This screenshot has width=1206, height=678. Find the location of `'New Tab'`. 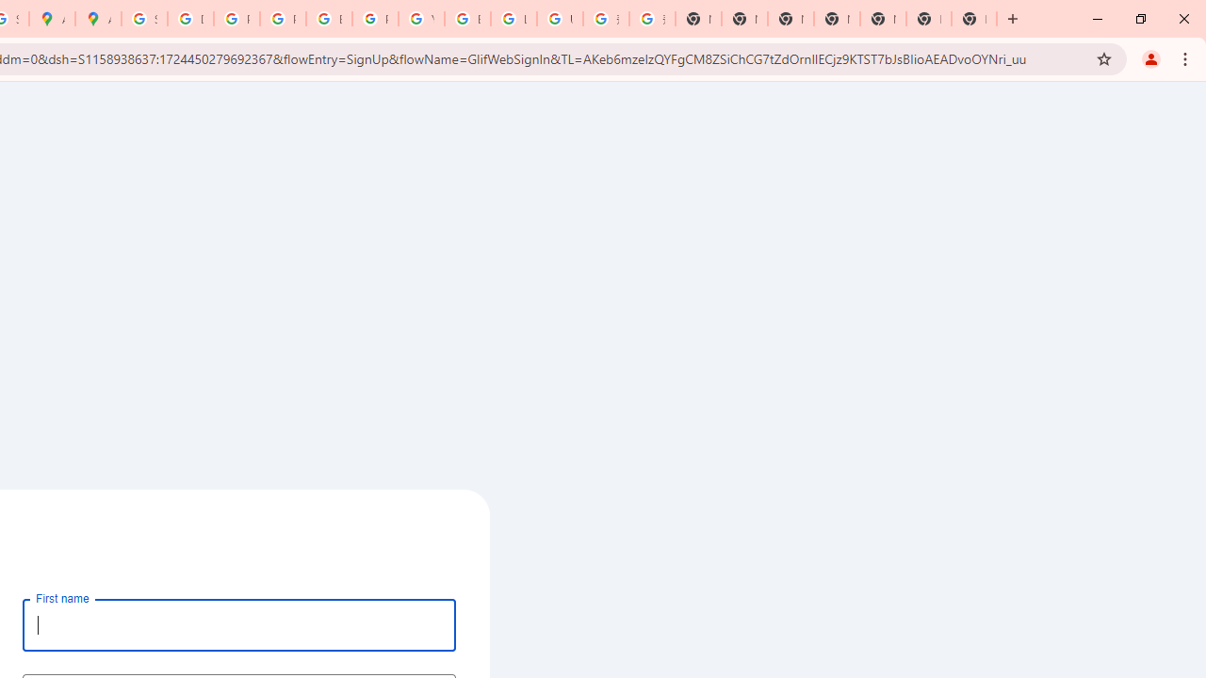

'New Tab' is located at coordinates (974, 19).